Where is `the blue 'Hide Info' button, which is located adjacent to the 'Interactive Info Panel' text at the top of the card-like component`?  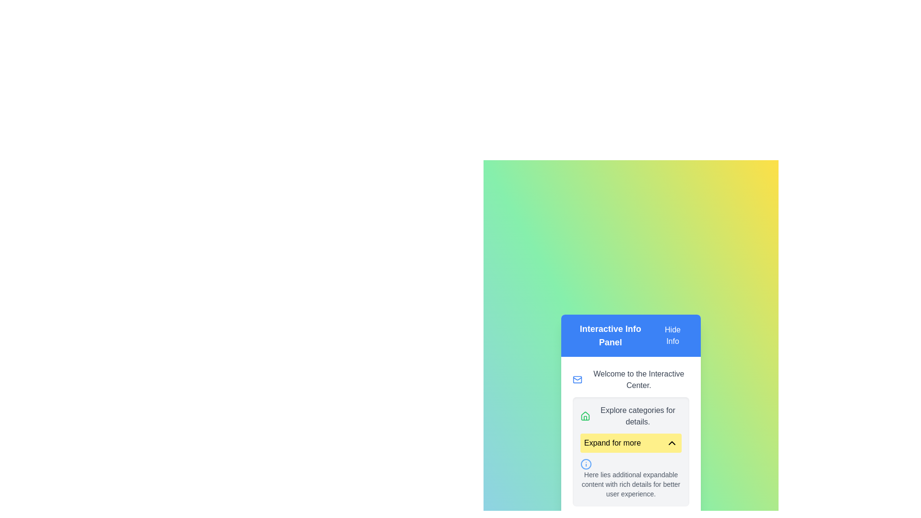
the blue 'Hide Info' button, which is located adjacent to the 'Interactive Info Panel' text at the top of the card-like component is located at coordinates (672, 335).